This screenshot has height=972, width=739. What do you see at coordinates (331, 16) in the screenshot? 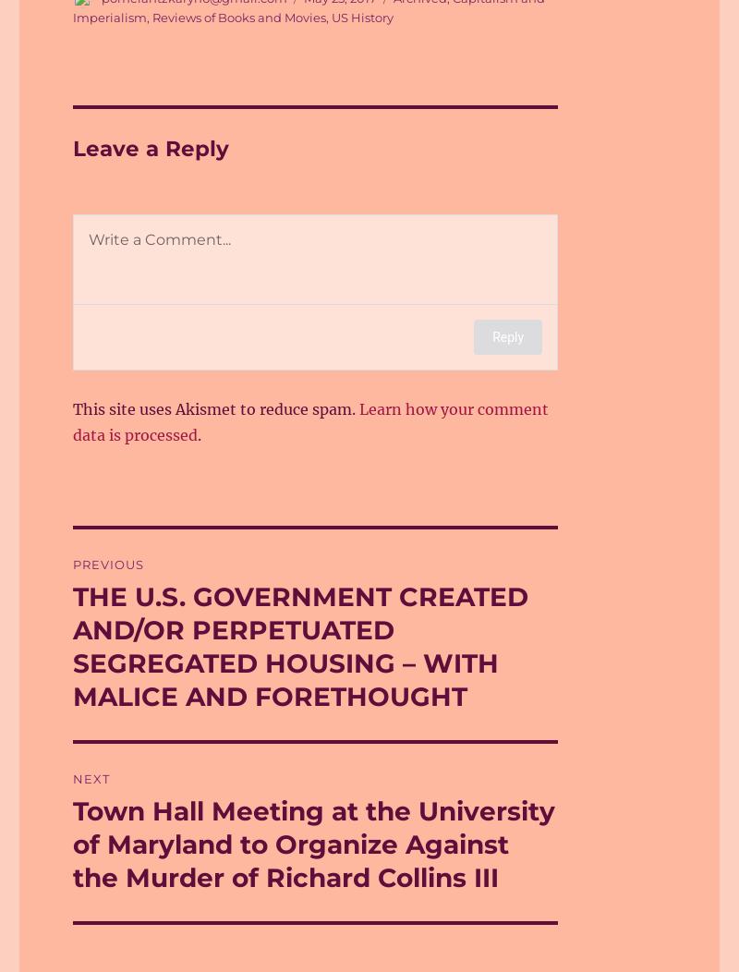
I see `'US History'` at bounding box center [331, 16].